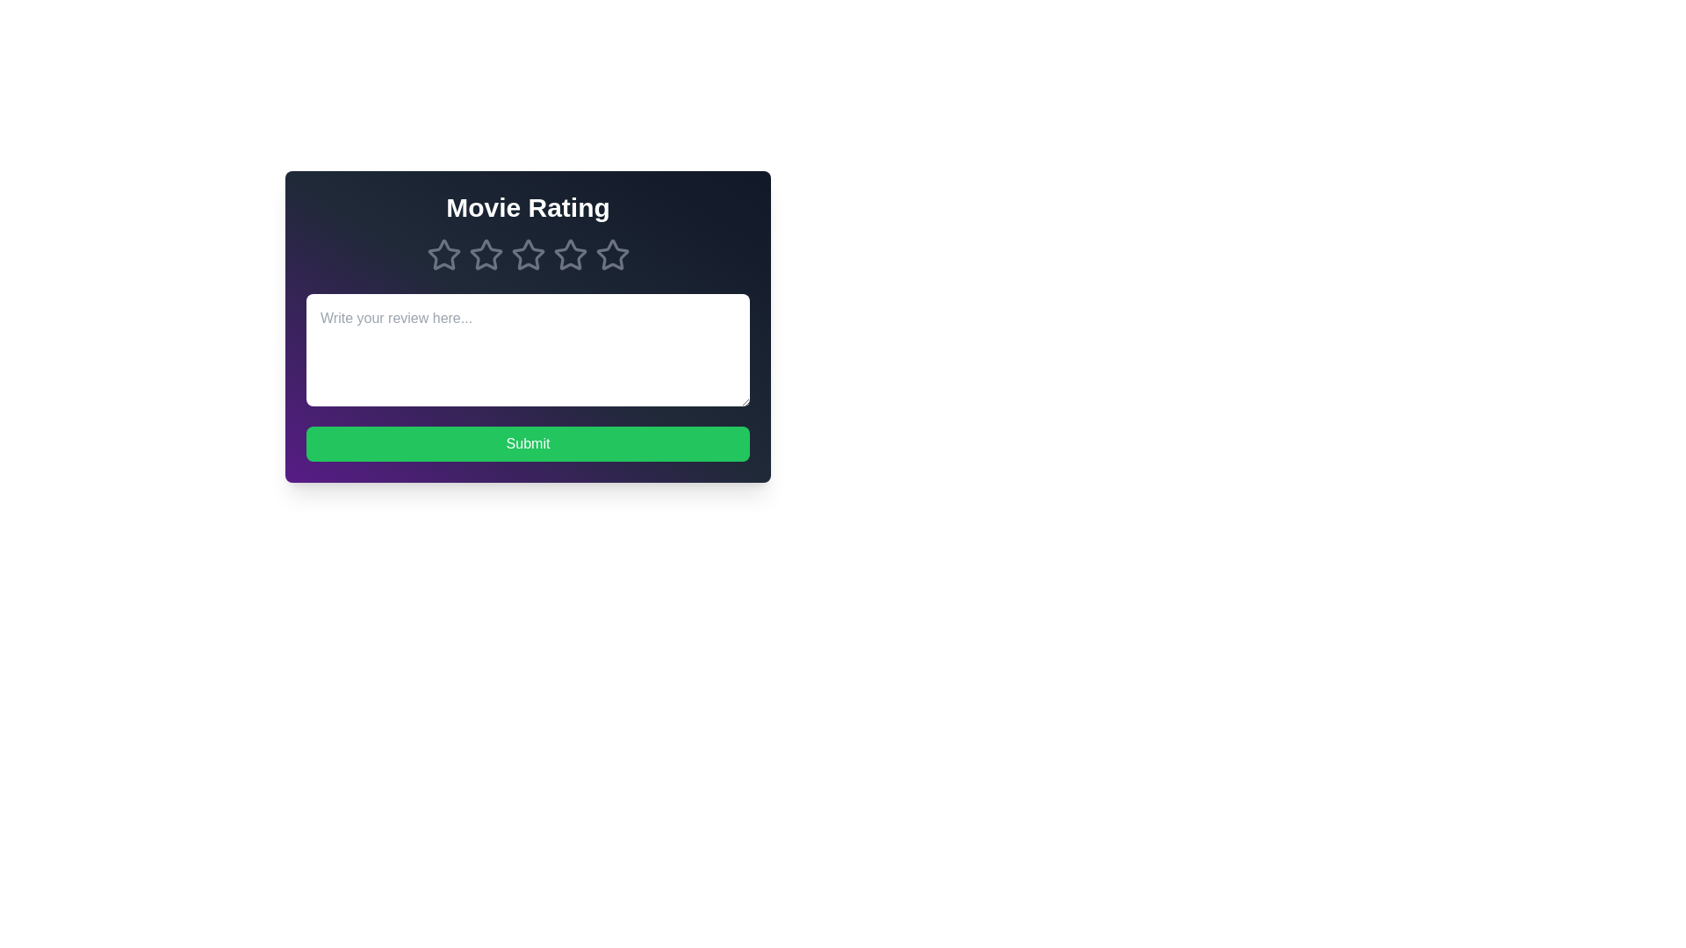 The width and height of the screenshot is (1686, 948). Describe the element at coordinates (570, 255) in the screenshot. I see `the movie rating to 4 stars by clicking on the respective star` at that location.